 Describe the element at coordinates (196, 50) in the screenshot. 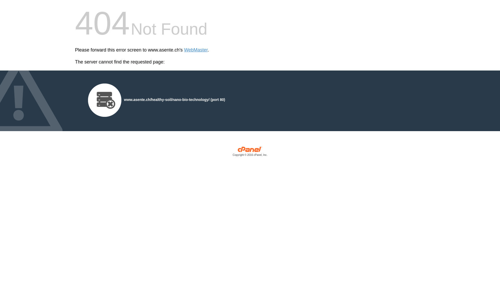

I see `'WebMaster'` at that location.